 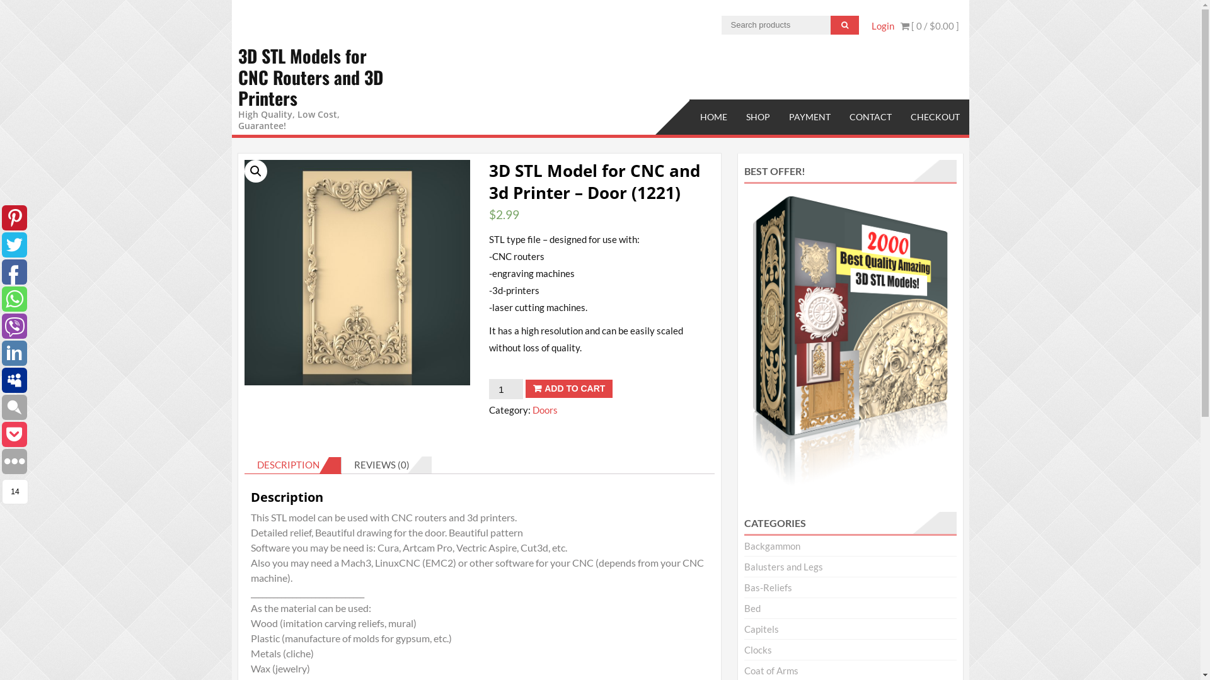 I want to click on '[ 0 / $0.00 ]', so click(x=899, y=26).